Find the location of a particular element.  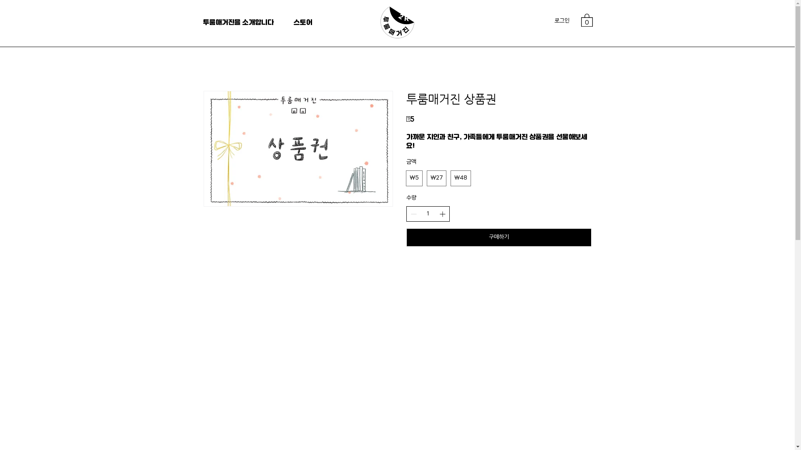

'0' is located at coordinates (580, 19).